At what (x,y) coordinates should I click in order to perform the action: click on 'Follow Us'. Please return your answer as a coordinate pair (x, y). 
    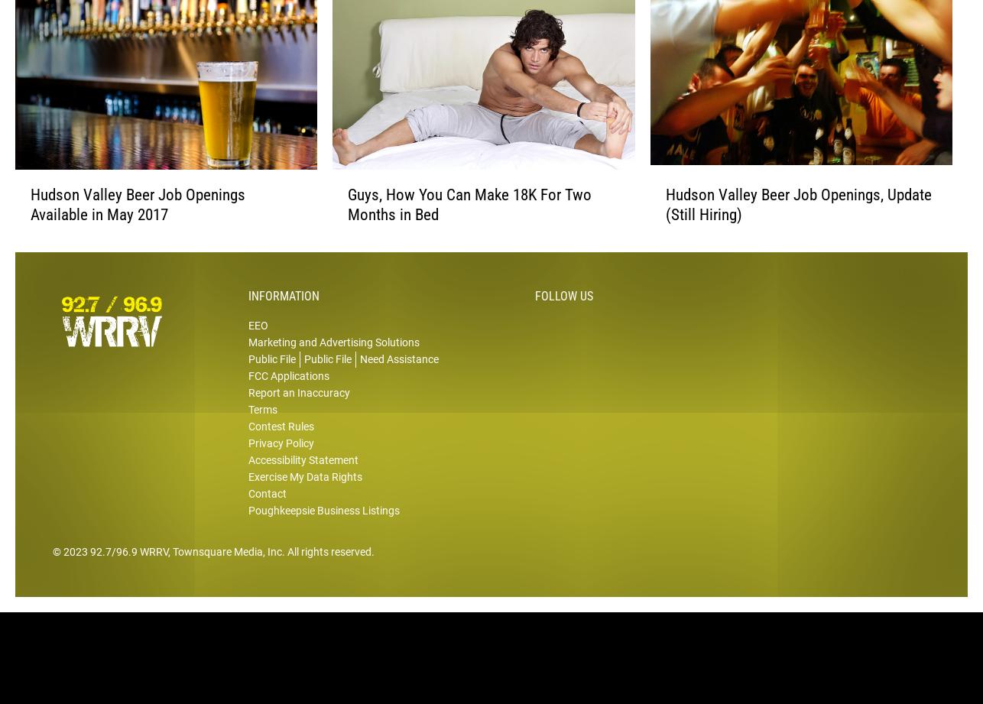
    Looking at the image, I should click on (564, 320).